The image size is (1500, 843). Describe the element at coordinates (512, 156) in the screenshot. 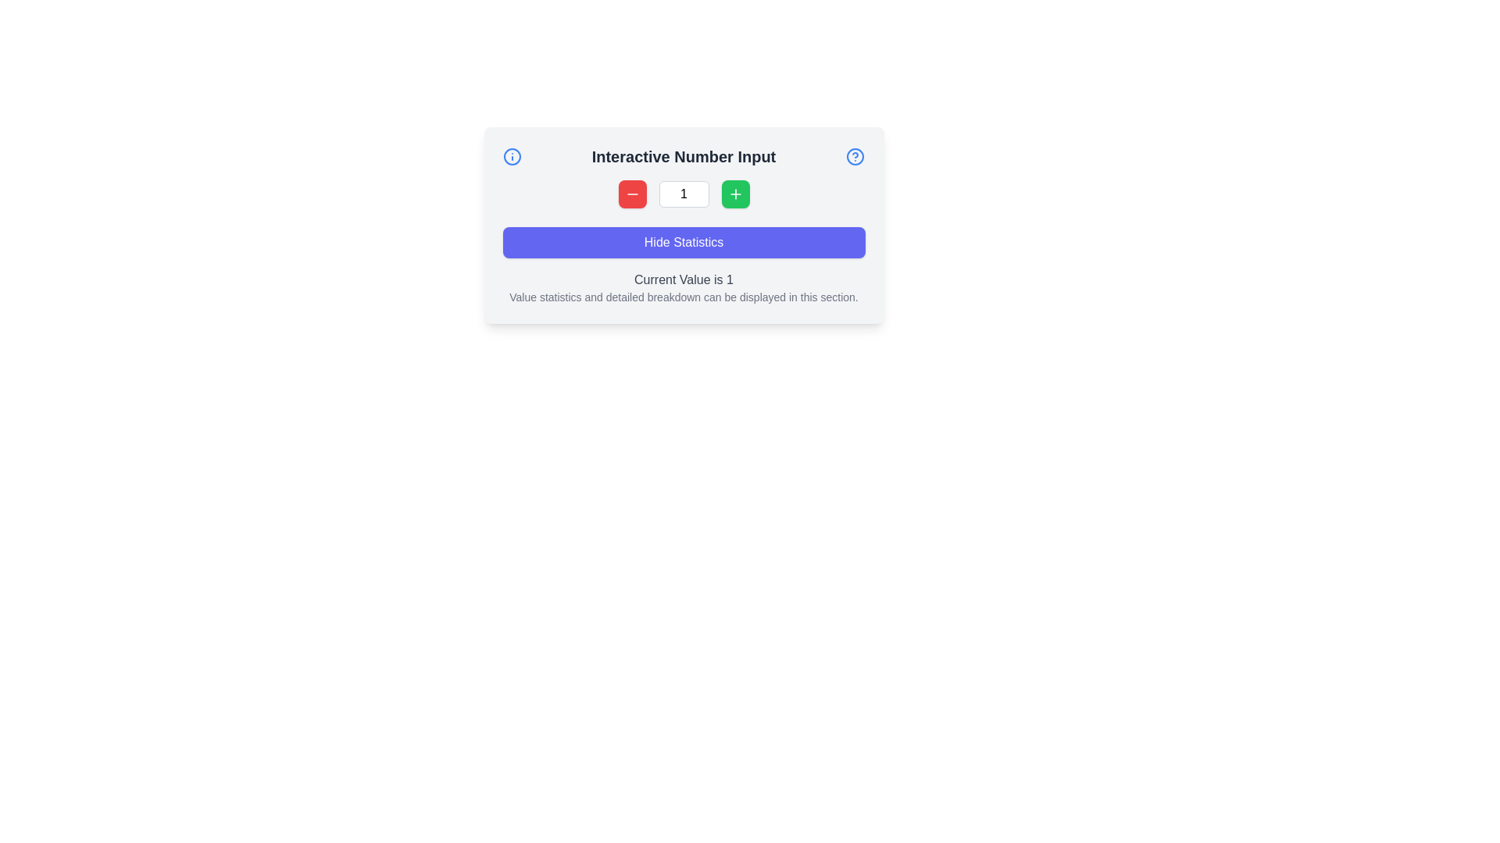

I see `the circular blue-bordered icon with a white center and vertical line, located in the top-left corner of the 'Interactive Number Input' section` at that location.